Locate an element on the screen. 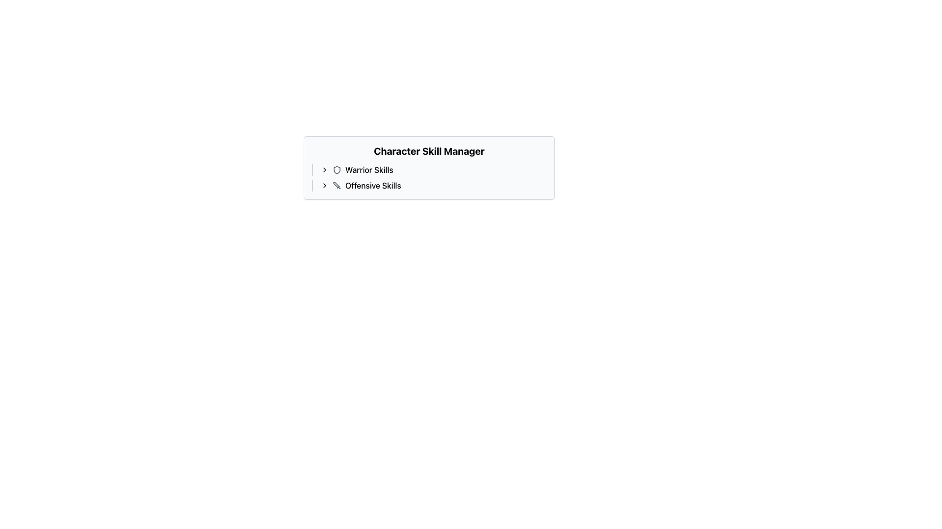  the chevron icon is located at coordinates (325, 185).